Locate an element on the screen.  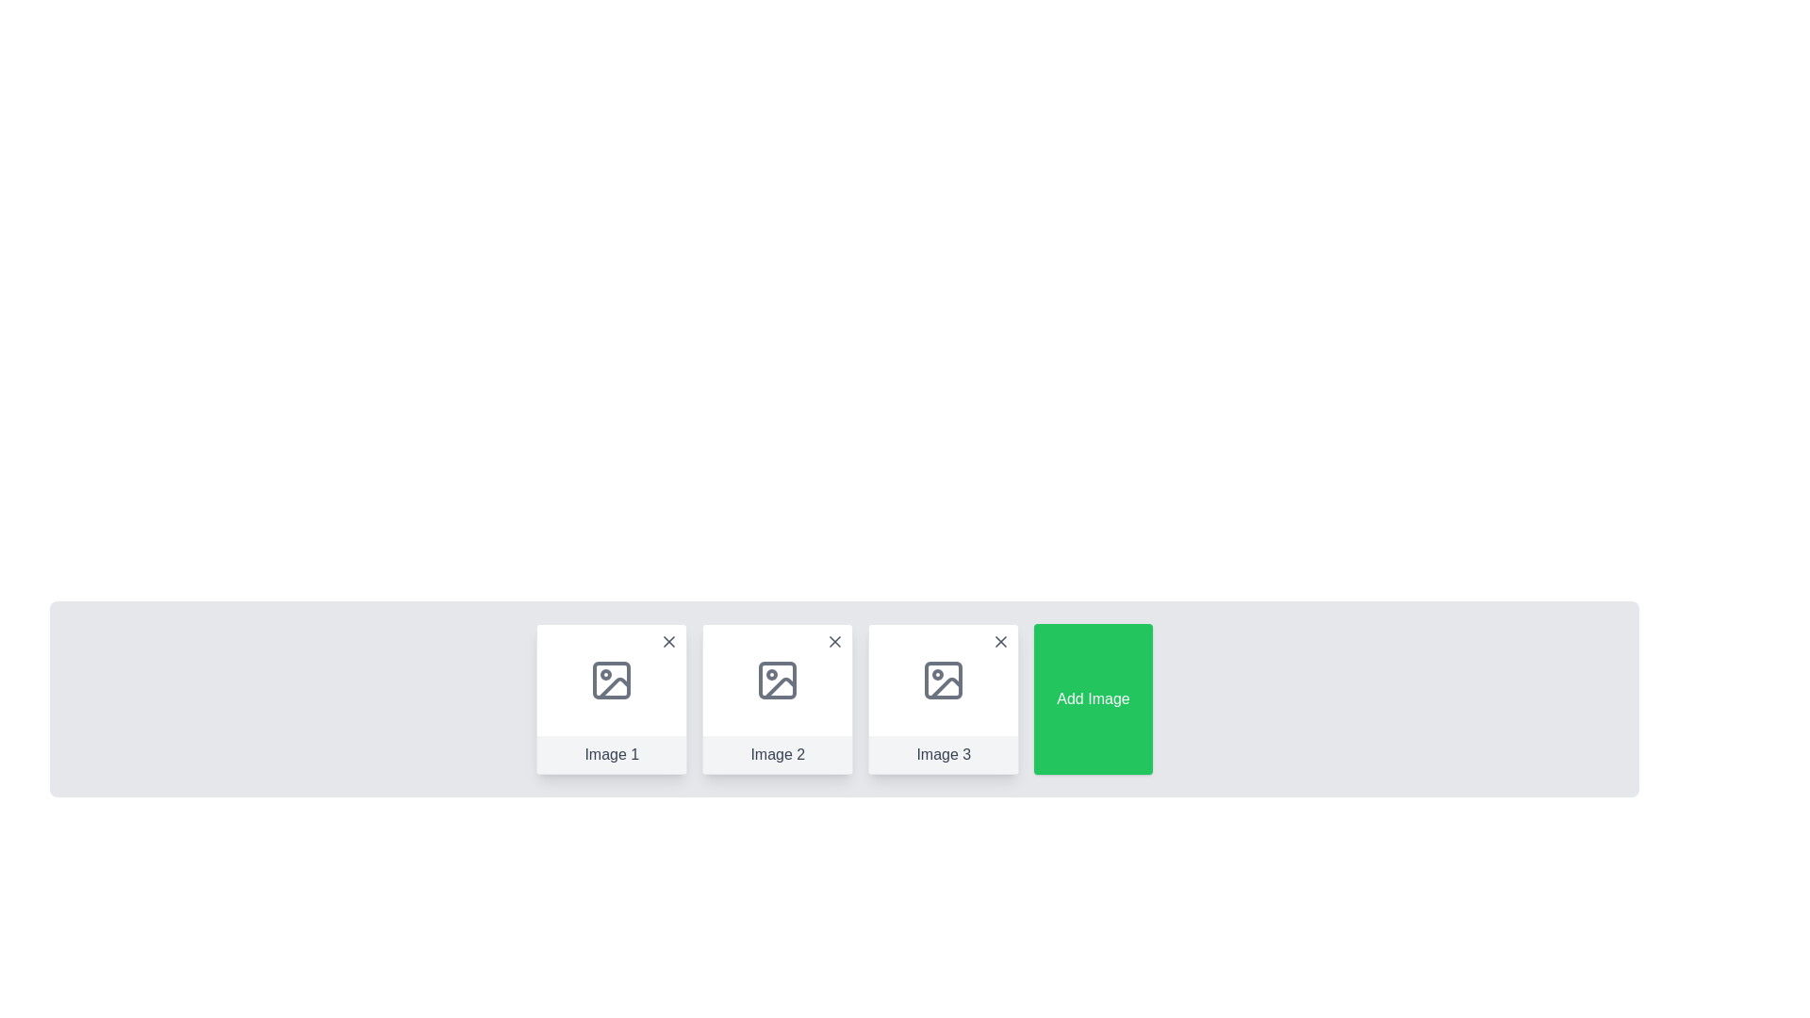
the upper-left to lower-right diagonal cross segment of the 'X' icon located in the header section of the thumbnail labeled 'Image 2' is located at coordinates (834, 641).